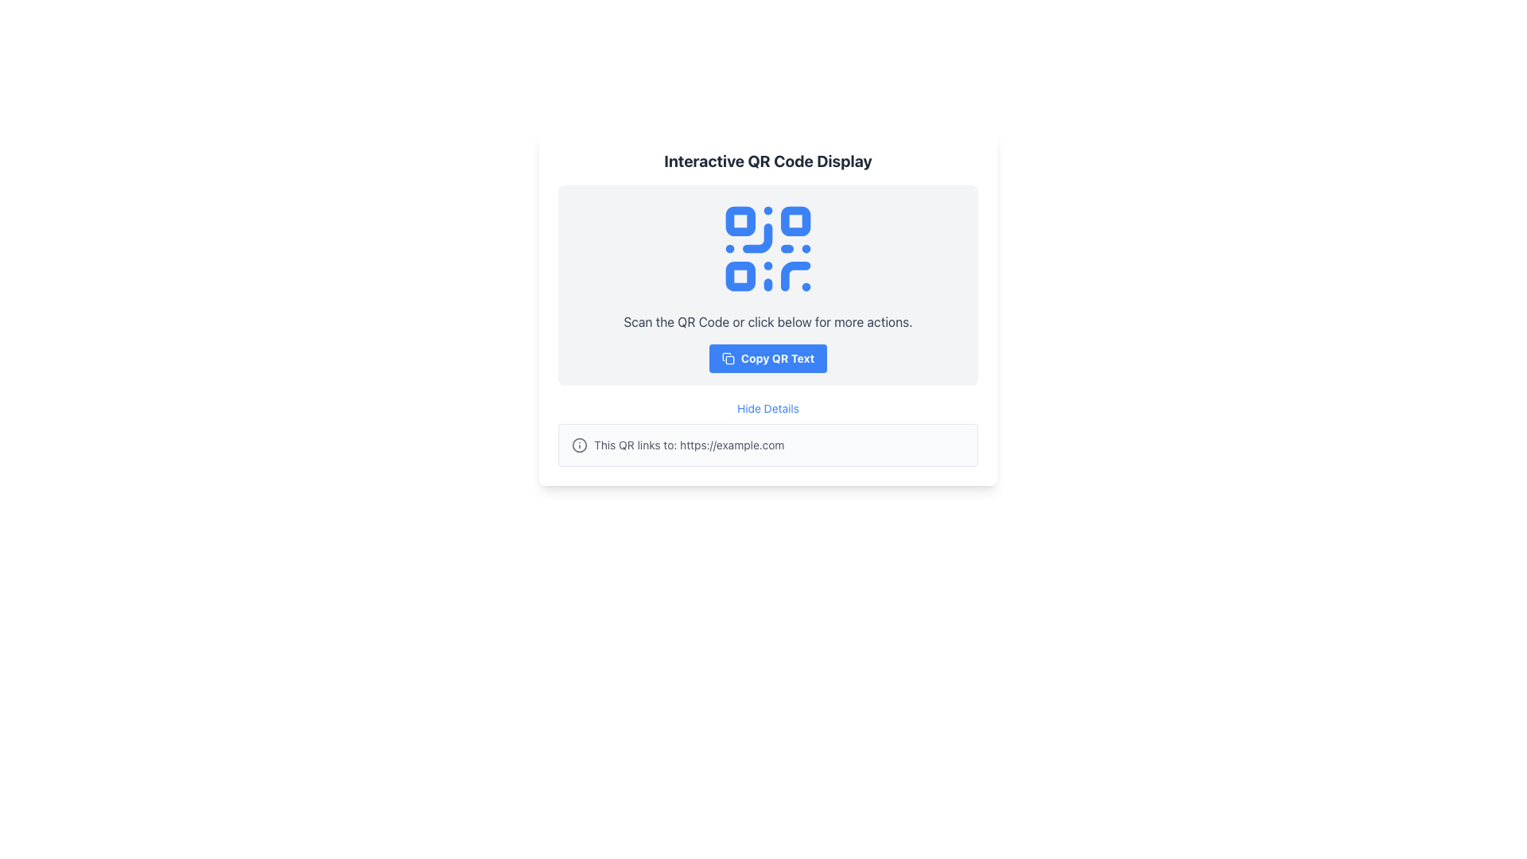 The image size is (1527, 859). I want to click on the button that copies the textual data of the QR code to the user's clipboard, located directly below the text 'Scan the QR Code or click below for more actions.', so click(767, 359).